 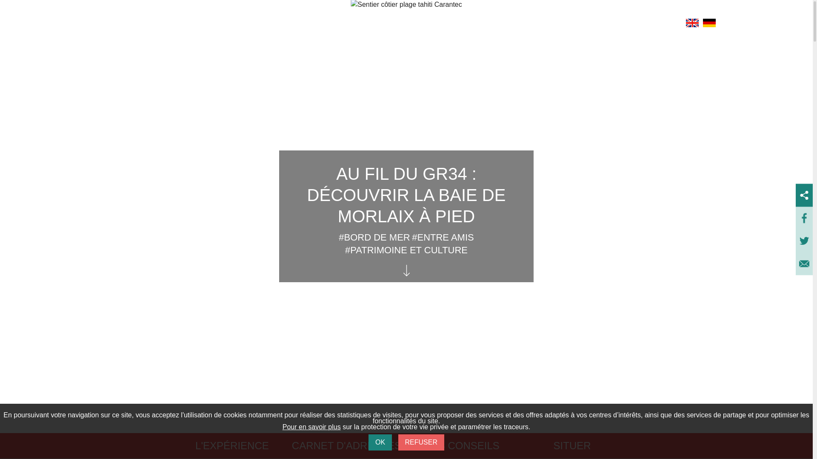 What do you see at coordinates (461, 445) in the screenshot?
I see `'NOS CONSEILS'` at bounding box center [461, 445].